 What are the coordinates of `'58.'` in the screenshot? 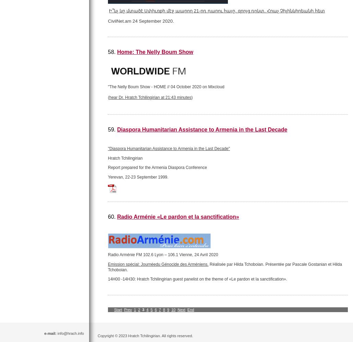 It's located at (112, 52).